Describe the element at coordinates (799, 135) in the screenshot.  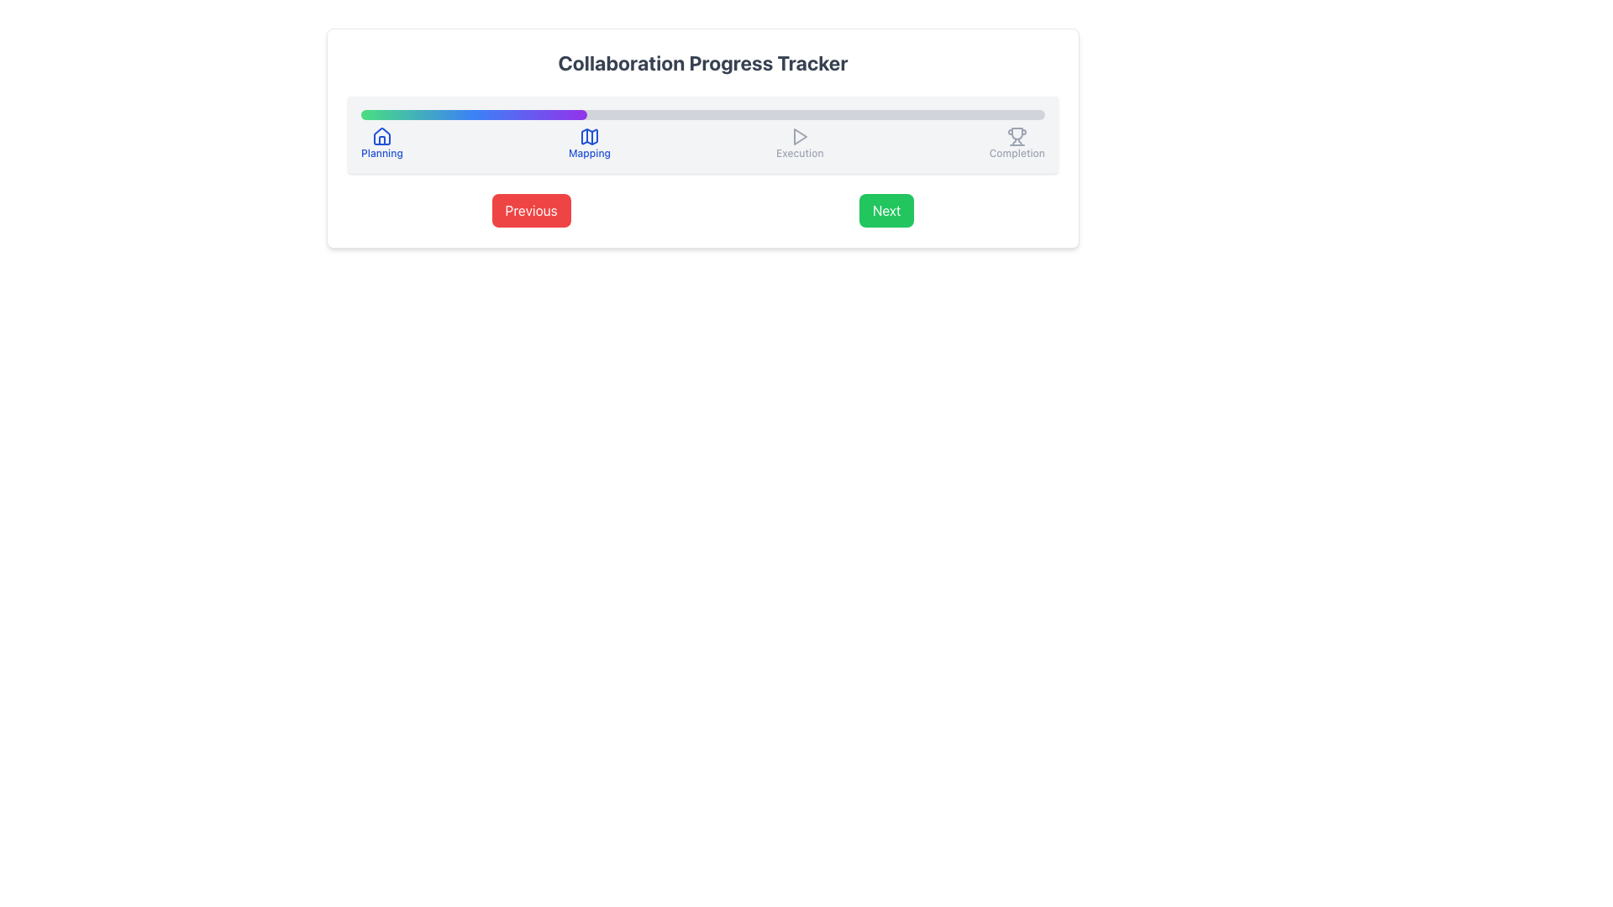
I see `the triangular play icon located in the 'Execution' section of the progress tracker, which is centrally positioned between the 'Mapping' and 'Completion' steps` at that location.